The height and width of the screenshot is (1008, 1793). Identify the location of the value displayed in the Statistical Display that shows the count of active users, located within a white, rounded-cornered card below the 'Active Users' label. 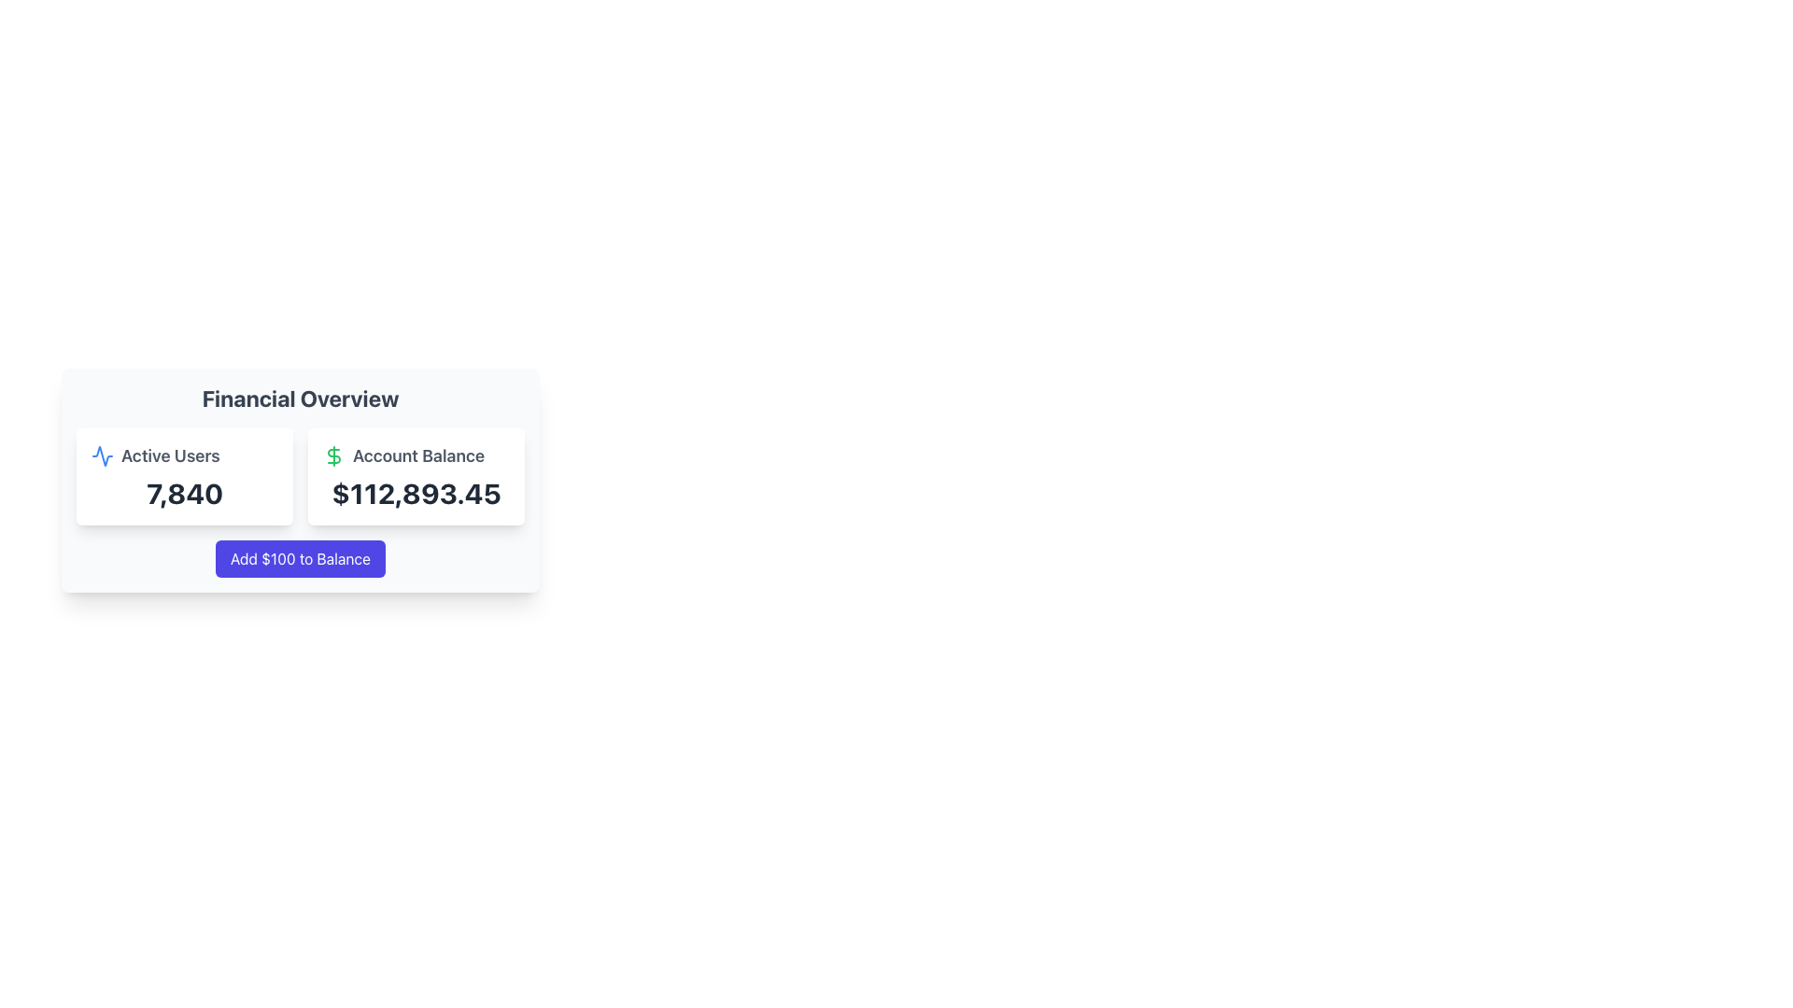
(184, 492).